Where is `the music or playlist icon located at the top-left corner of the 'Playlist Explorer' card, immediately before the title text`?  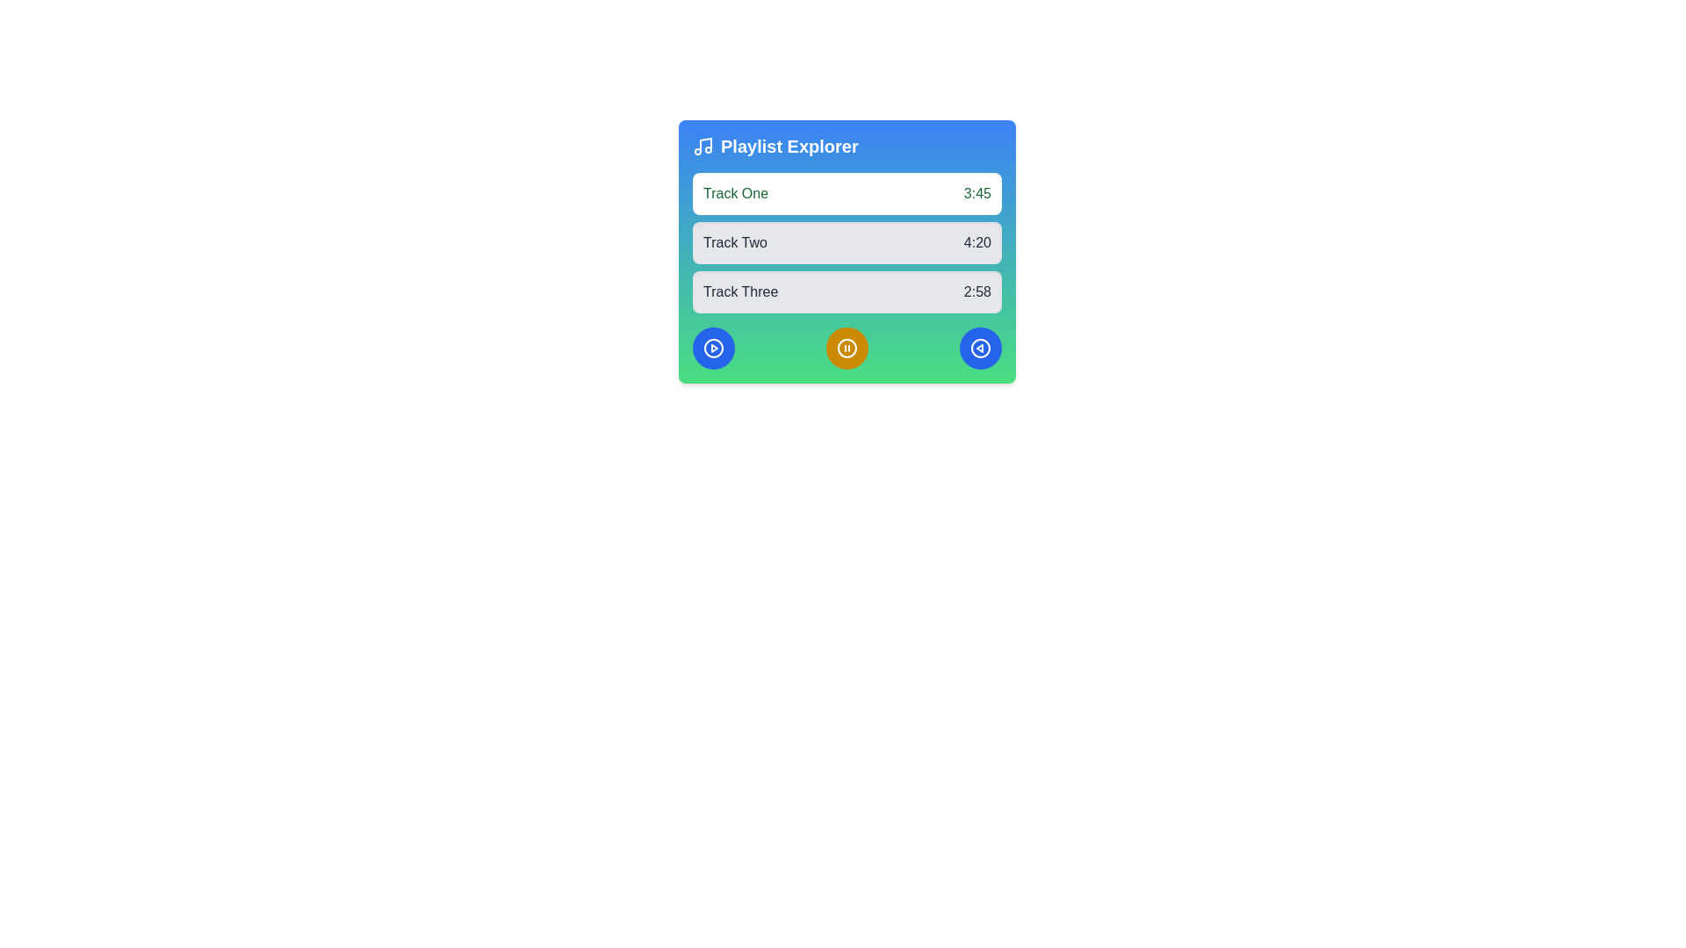 the music or playlist icon located at the top-left corner of the 'Playlist Explorer' card, immediately before the title text is located at coordinates (703, 145).